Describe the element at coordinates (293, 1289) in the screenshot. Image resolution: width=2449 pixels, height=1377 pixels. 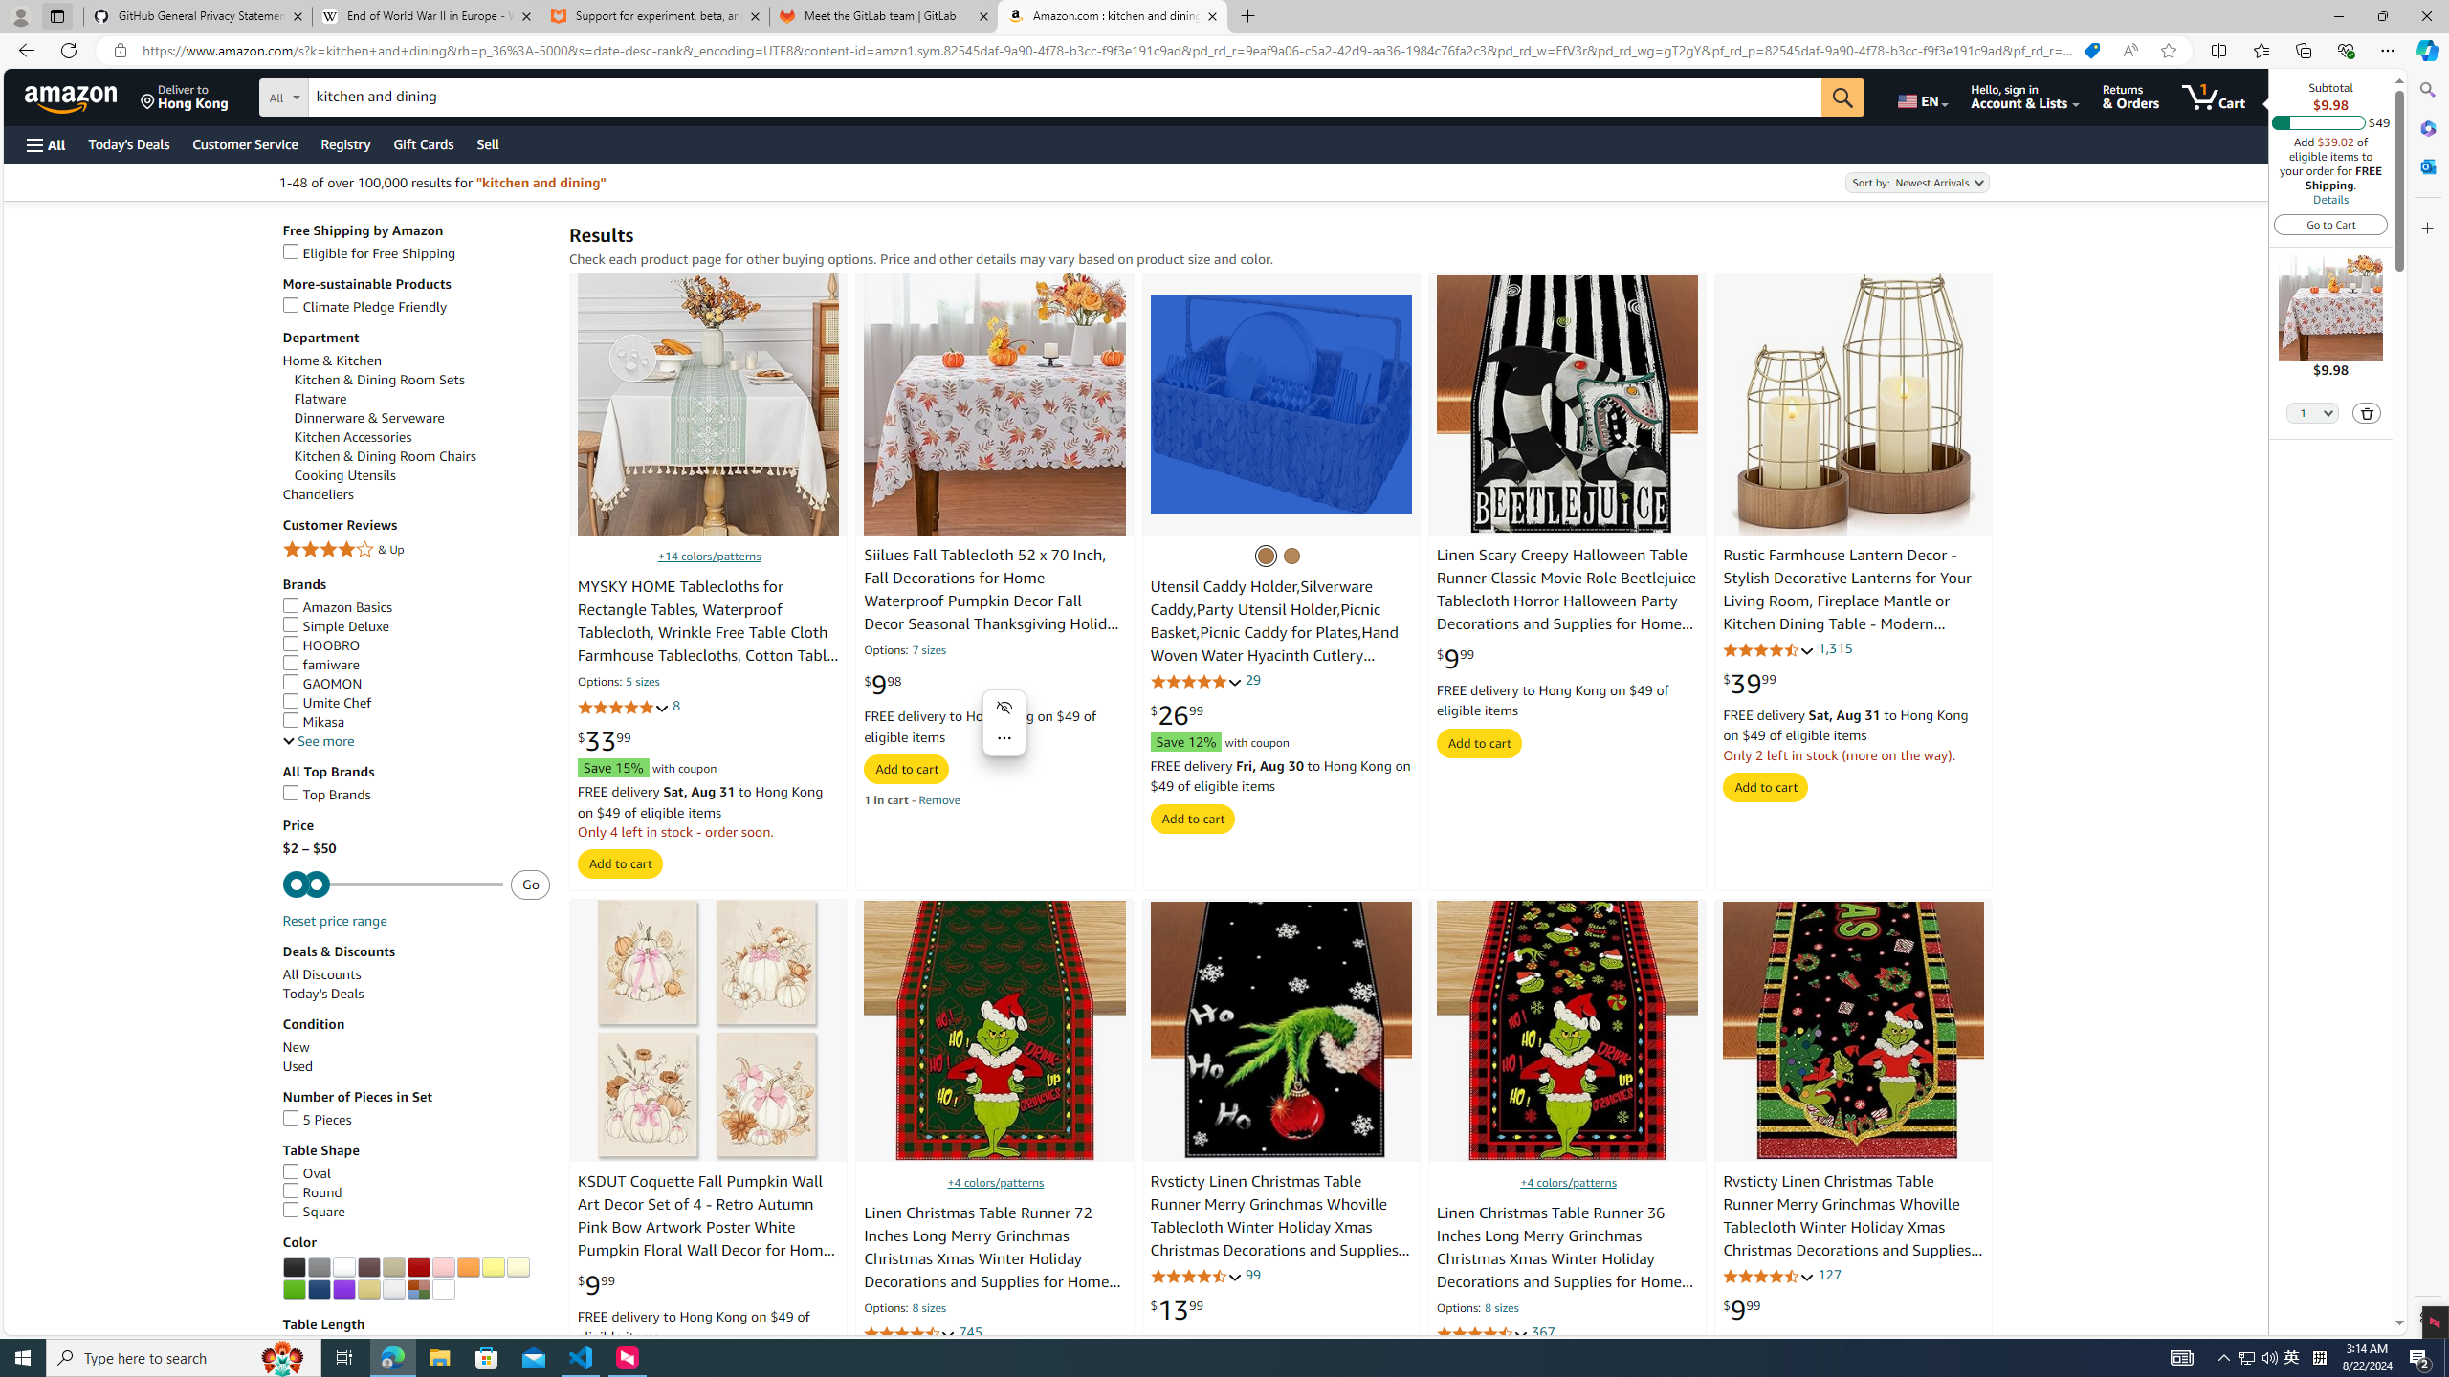
I see `'AutomationID: p_n_feature_twenty_browse-bin/3254108011'` at that location.